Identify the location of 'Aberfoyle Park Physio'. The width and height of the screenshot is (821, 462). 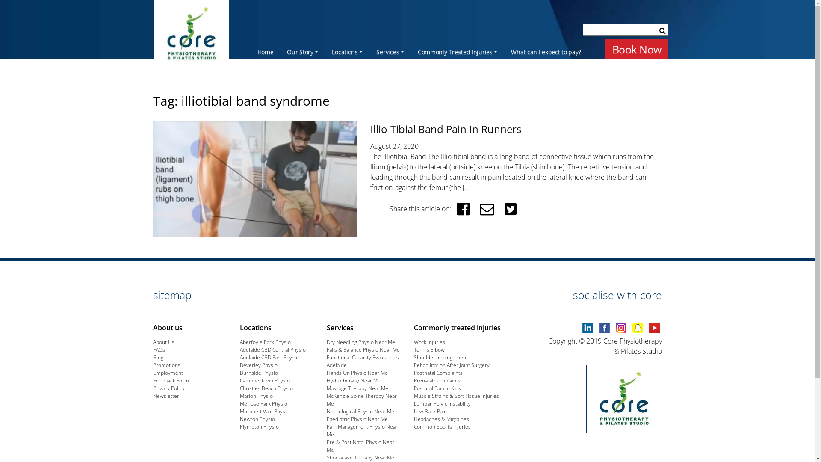
(265, 341).